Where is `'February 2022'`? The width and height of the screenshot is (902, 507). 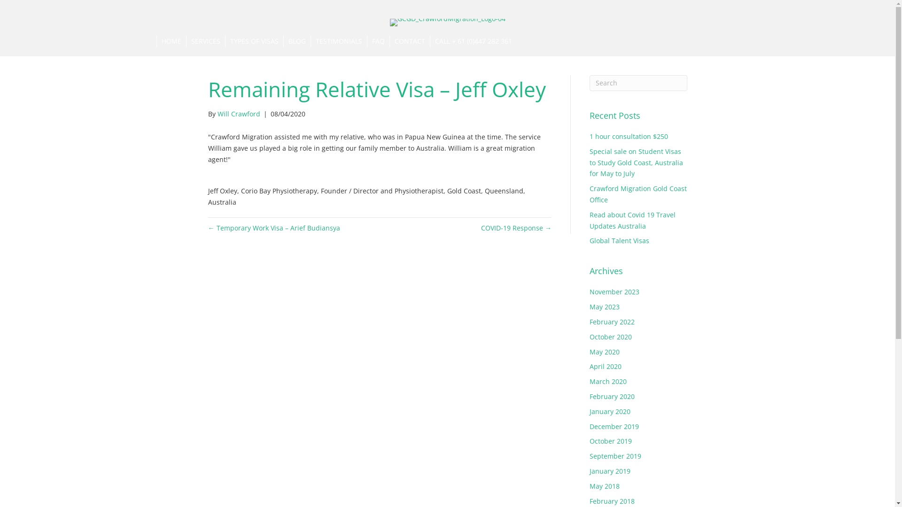
'February 2022' is located at coordinates (612, 321).